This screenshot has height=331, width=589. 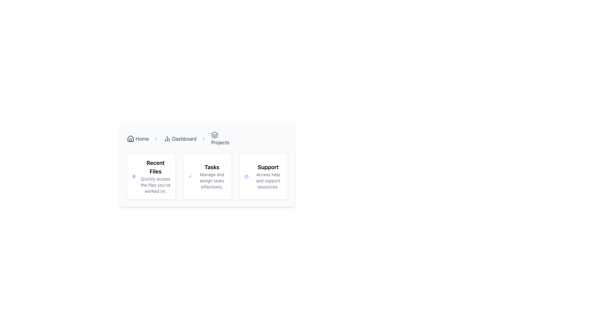 What do you see at coordinates (268, 167) in the screenshot?
I see `the static header text label that summarizes the content of the panel titled 'Access help and support resources.'` at bounding box center [268, 167].